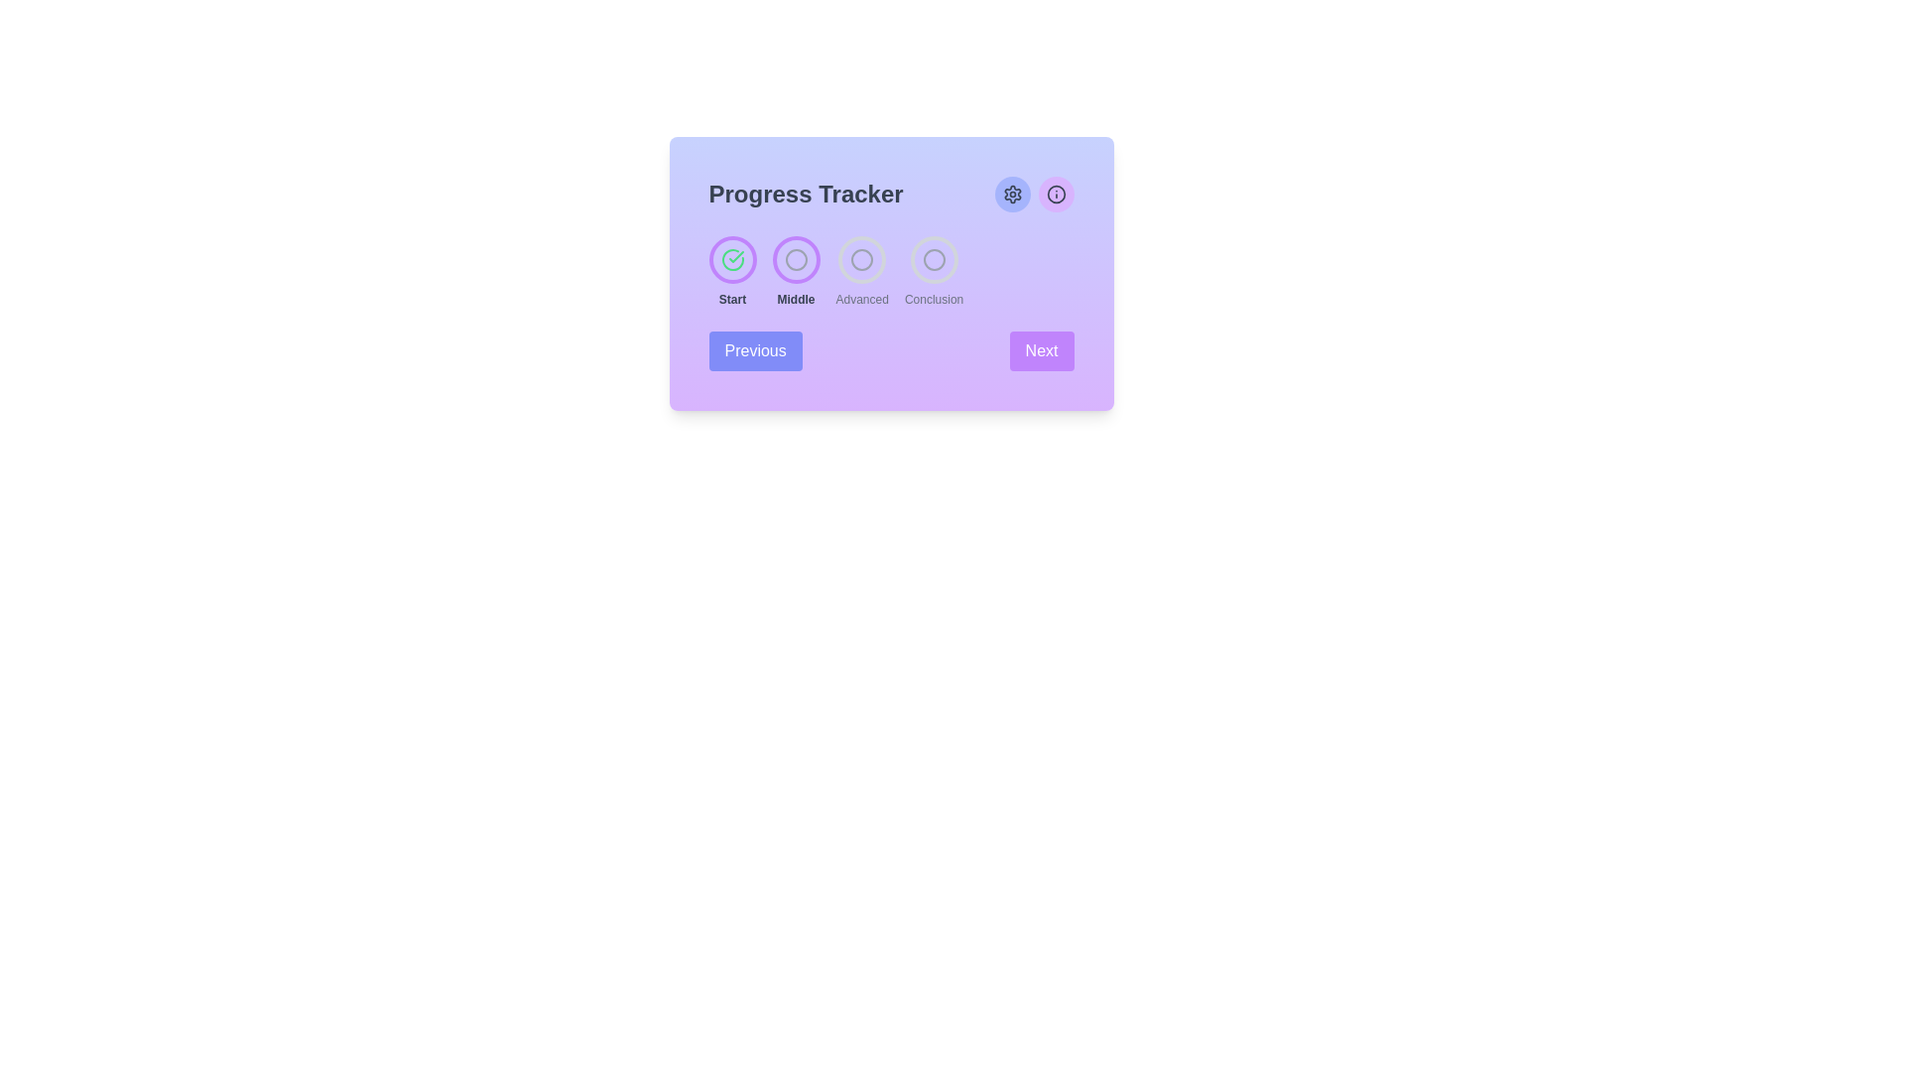 The image size is (1905, 1072). I want to click on the text label 'Advanced' which is styled with a small font size and gray color, located below a circular icon in a progress tracking interface, so click(862, 299).